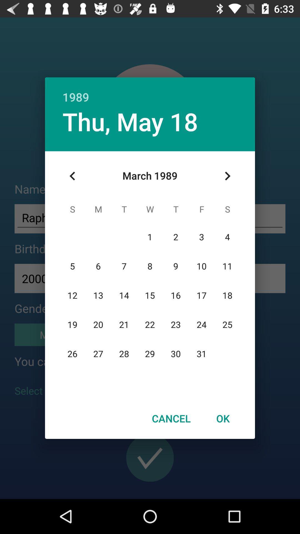 This screenshot has height=534, width=300. Describe the element at coordinates (222, 418) in the screenshot. I see `the ok item` at that location.